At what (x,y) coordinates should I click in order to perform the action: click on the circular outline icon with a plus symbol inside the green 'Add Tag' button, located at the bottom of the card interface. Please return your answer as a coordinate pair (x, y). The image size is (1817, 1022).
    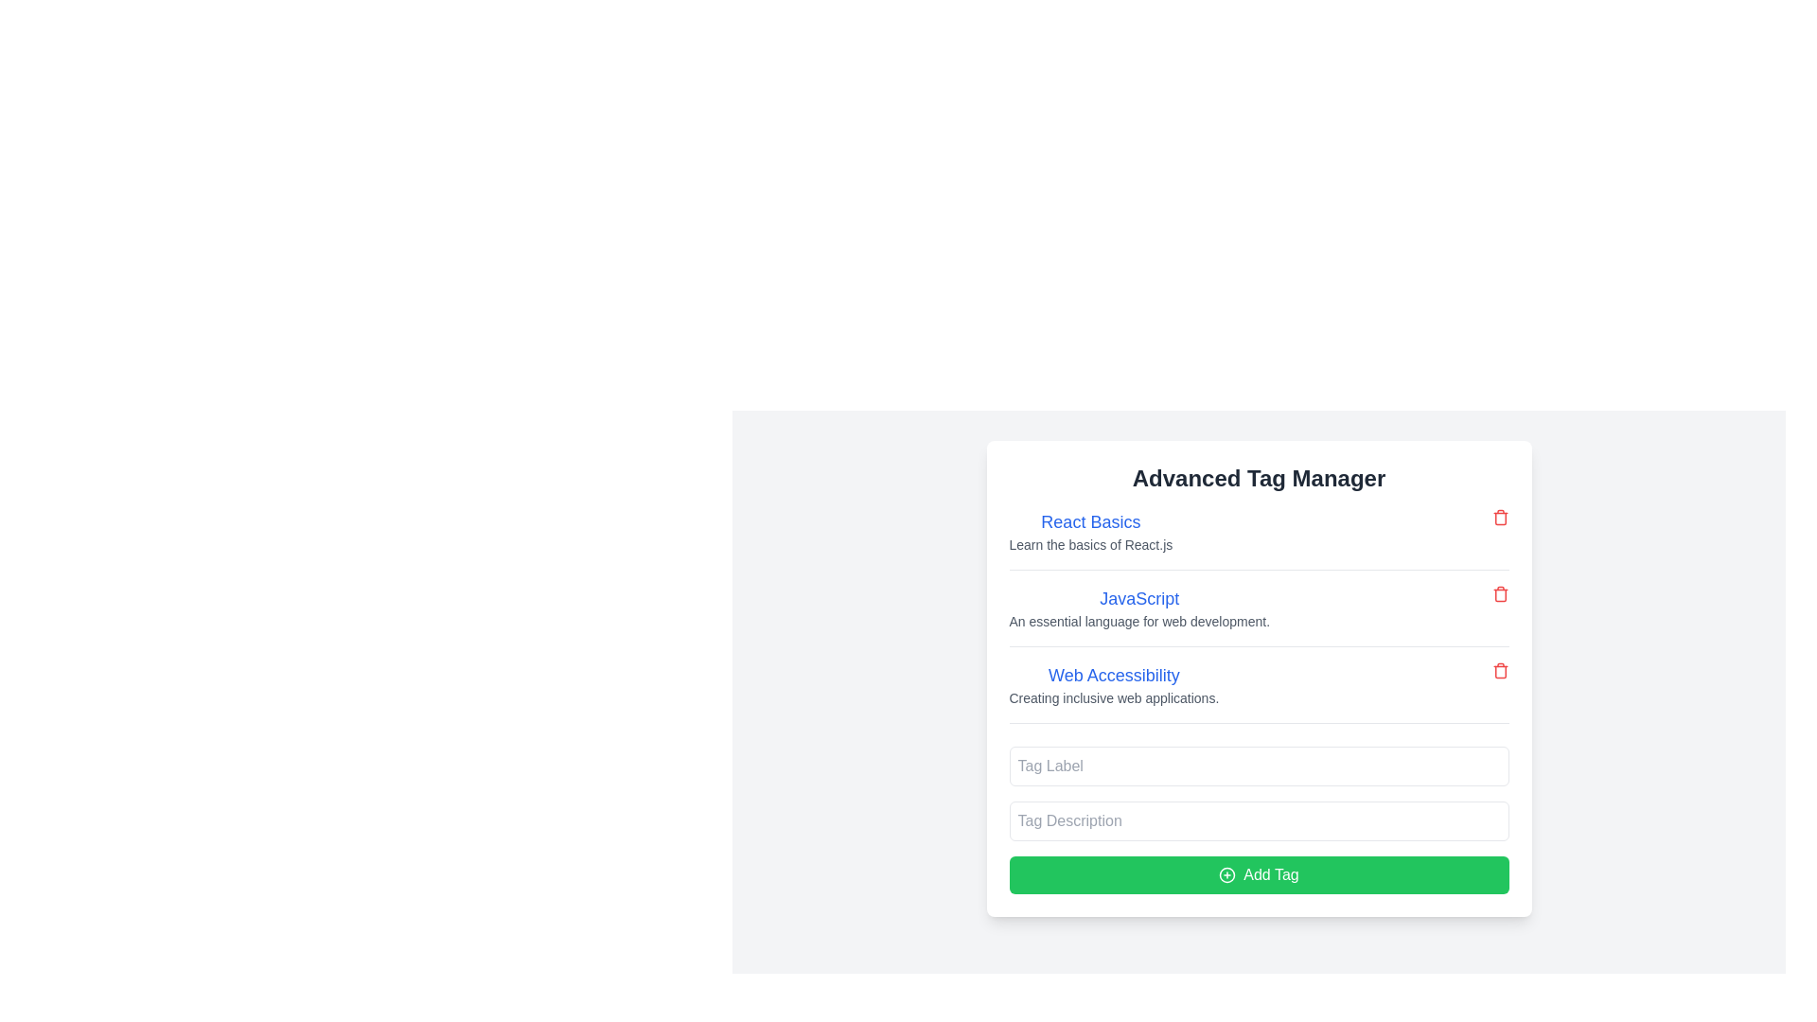
    Looking at the image, I should click on (1227, 875).